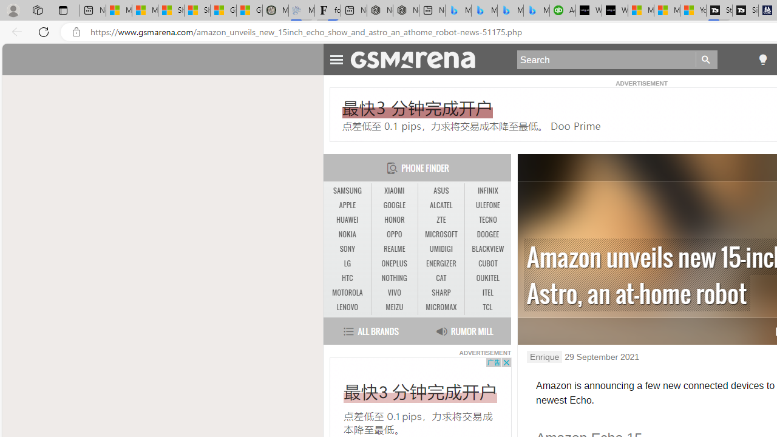 Image resolution: width=777 pixels, height=437 pixels. I want to click on 'XIAOMI', so click(395, 191).